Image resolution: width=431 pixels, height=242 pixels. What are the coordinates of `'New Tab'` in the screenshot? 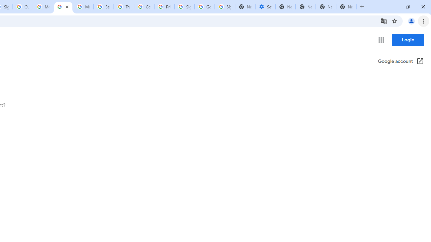 It's located at (346, 7).